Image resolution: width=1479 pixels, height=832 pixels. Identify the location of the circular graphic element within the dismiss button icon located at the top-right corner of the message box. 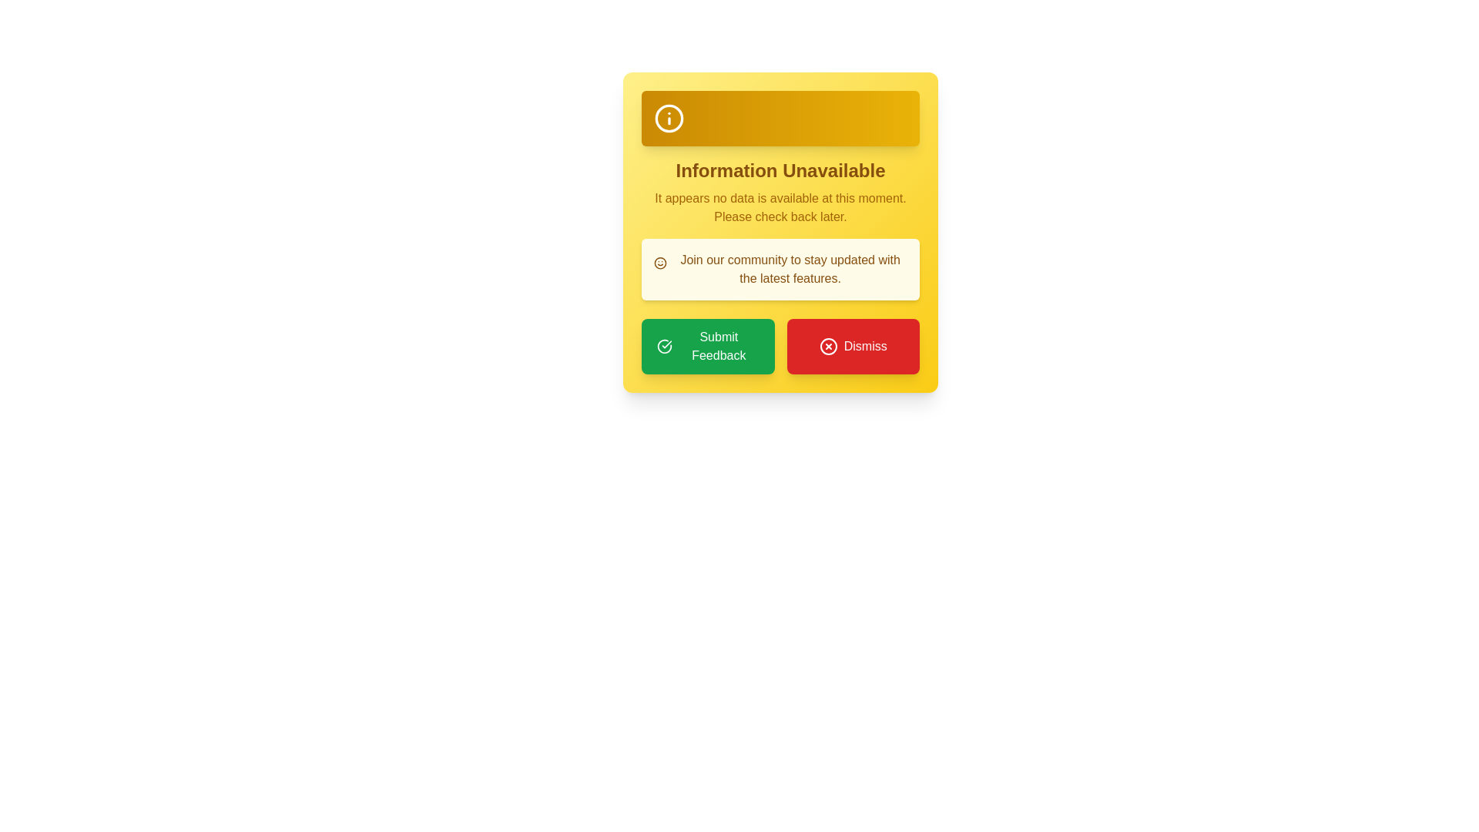
(827, 347).